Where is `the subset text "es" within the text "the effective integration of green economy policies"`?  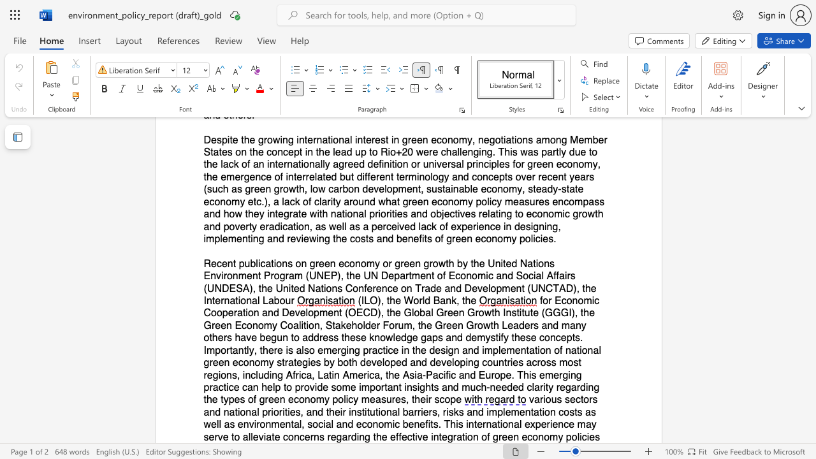 the subset text "es" within the text "the effective integration of green economy policies" is located at coordinates (588, 436).